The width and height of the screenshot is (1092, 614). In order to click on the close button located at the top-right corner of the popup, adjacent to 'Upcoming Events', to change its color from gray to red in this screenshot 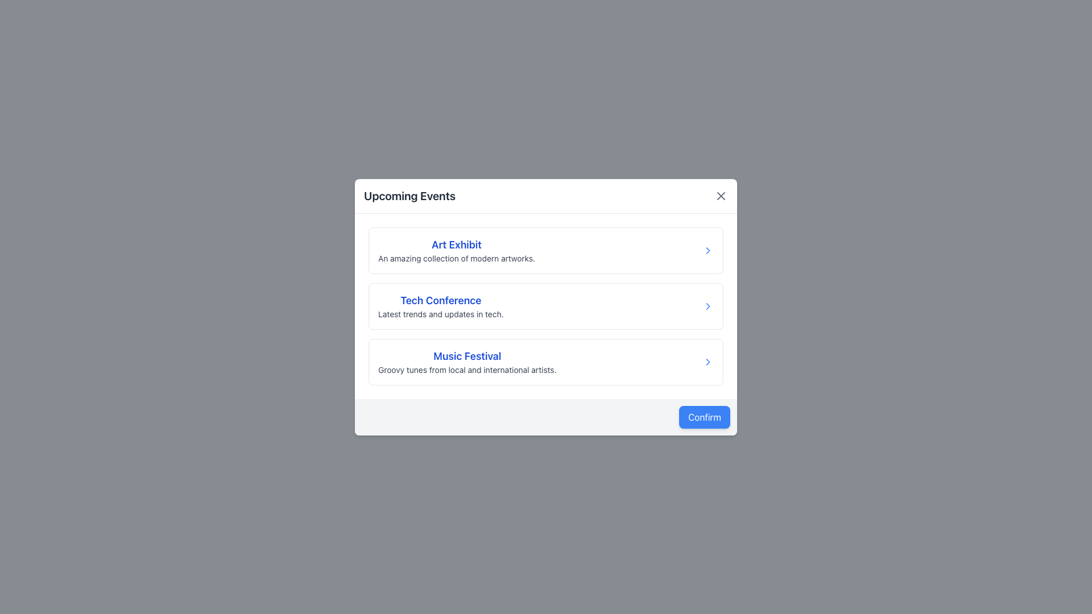, I will do `click(720, 195)`.